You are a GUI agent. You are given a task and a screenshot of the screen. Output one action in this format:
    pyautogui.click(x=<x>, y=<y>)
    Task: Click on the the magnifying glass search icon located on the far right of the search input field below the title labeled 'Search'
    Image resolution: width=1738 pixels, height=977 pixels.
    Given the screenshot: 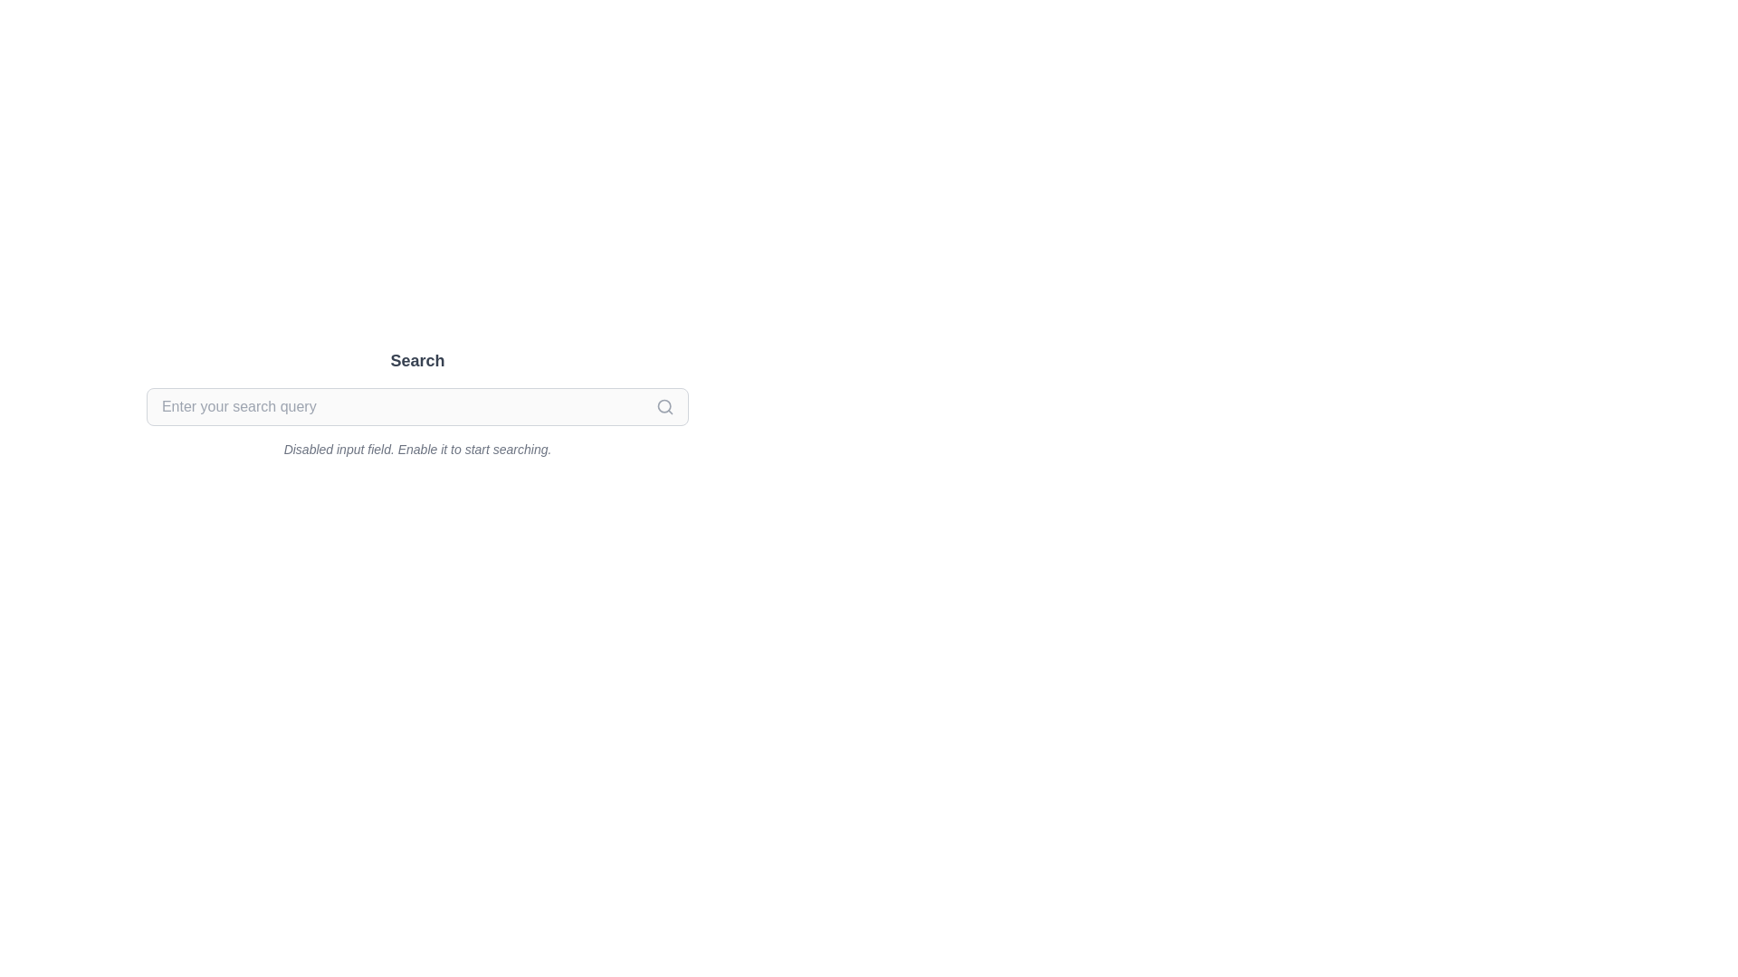 What is the action you would take?
    pyautogui.click(x=664, y=407)
    